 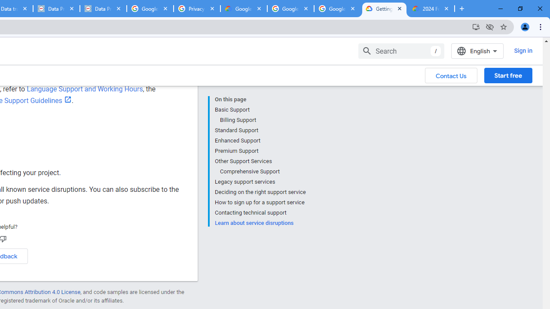 I want to click on 'Deciding on the right support service', so click(x=260, y=192).